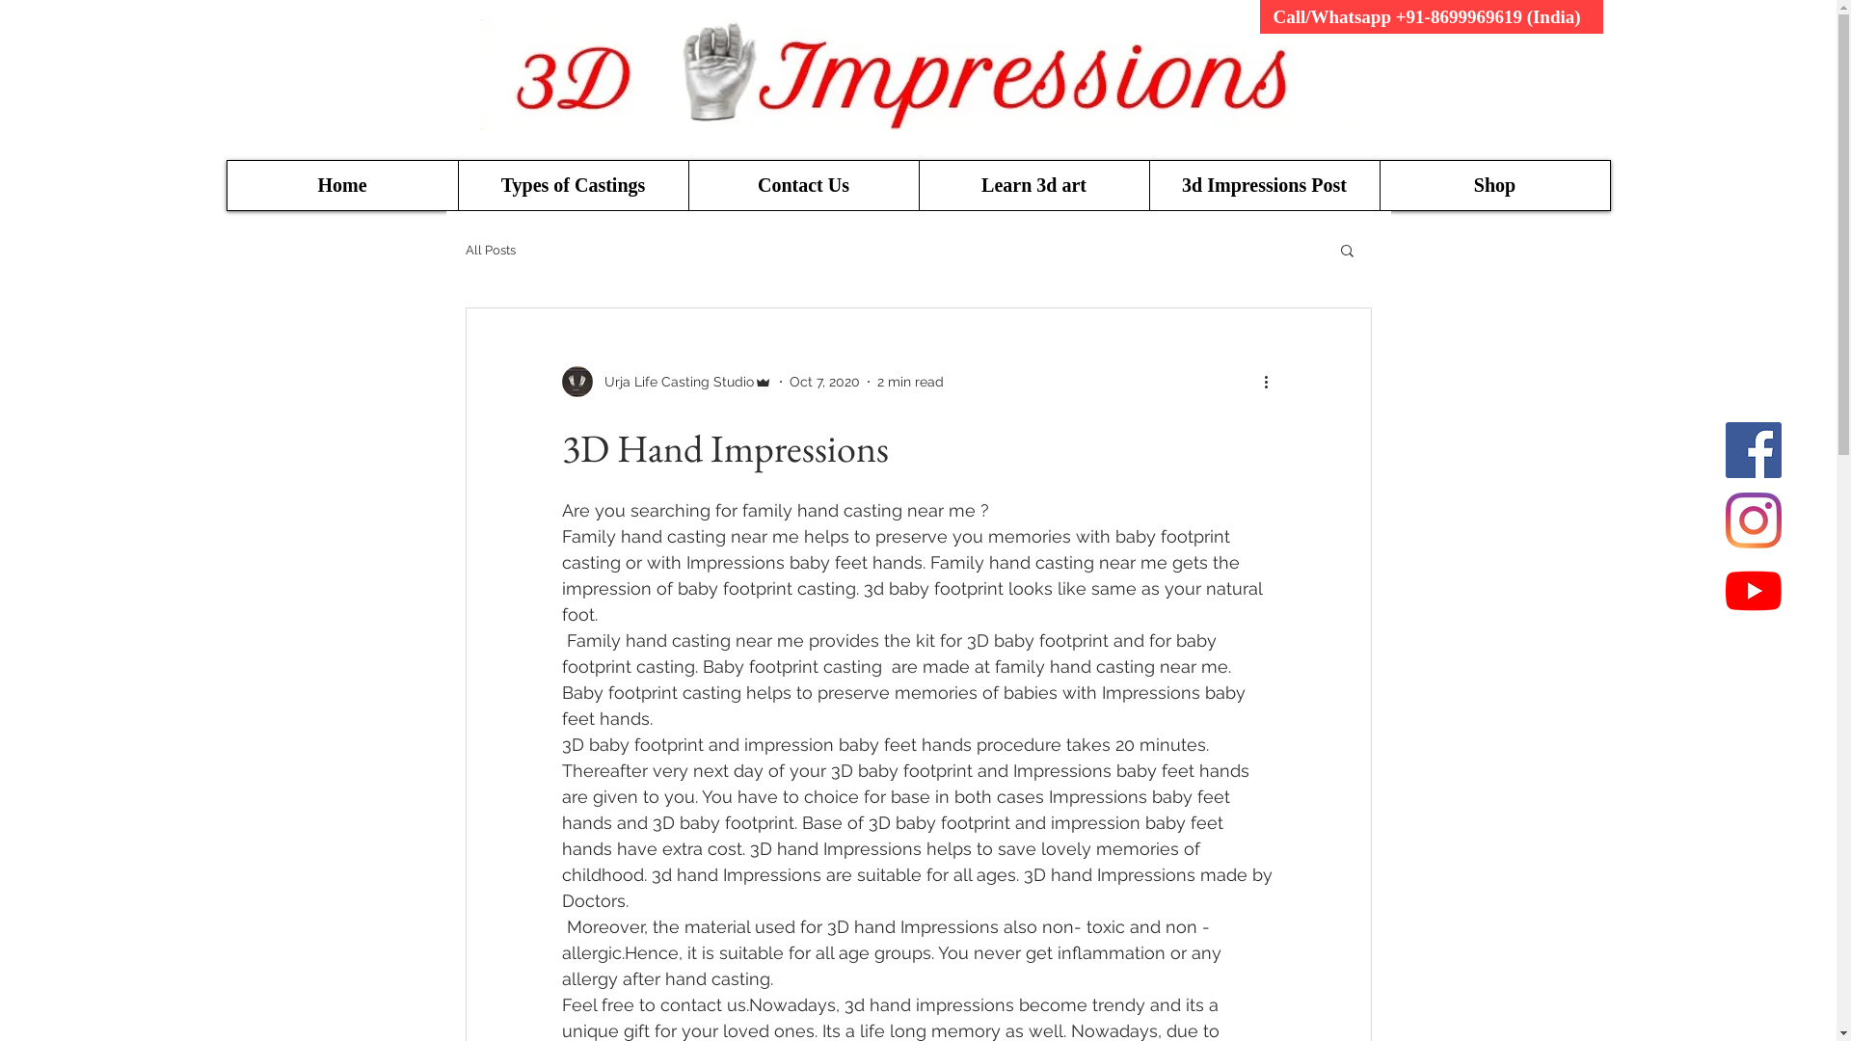 The image size is (1851, 1041). What do you see at coordinates (571, 185) in the screenshot?
I see `'Types of Castings'` at bounding box center [571, 185].